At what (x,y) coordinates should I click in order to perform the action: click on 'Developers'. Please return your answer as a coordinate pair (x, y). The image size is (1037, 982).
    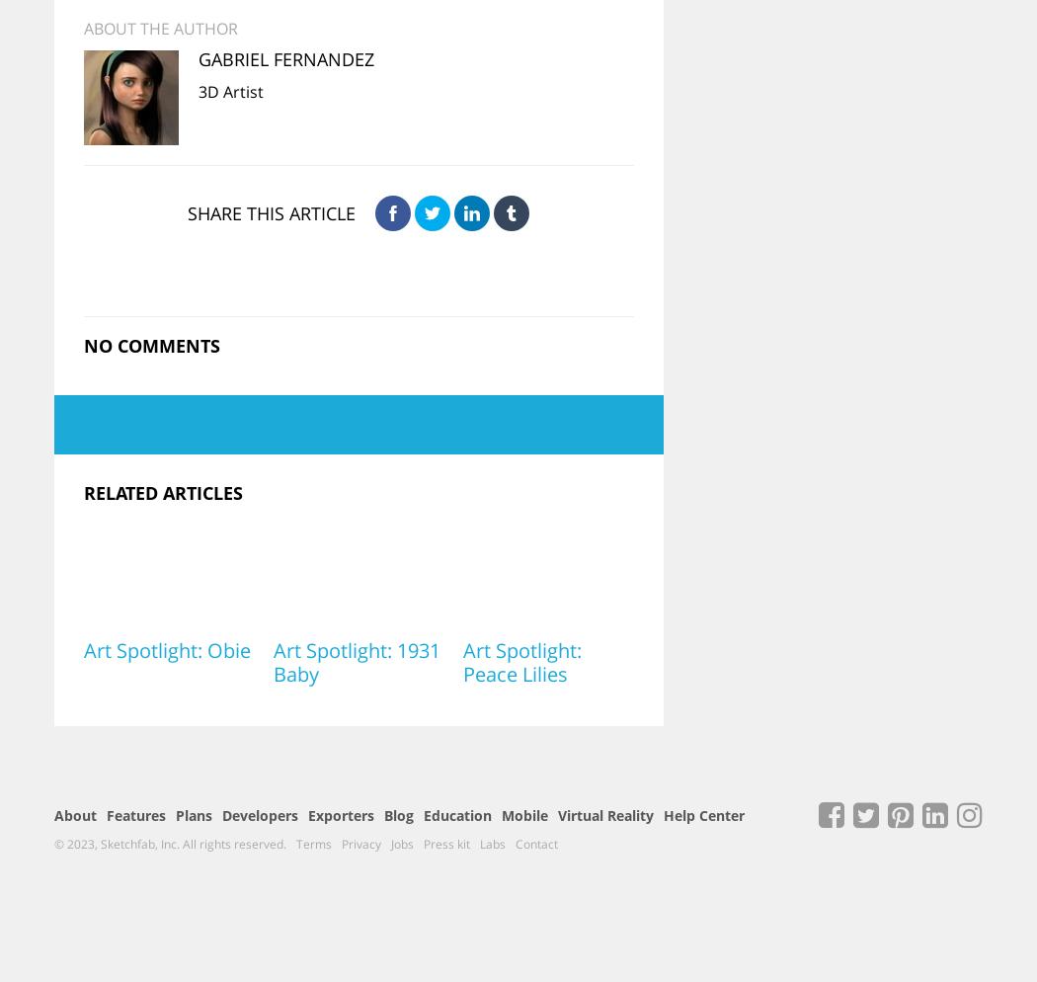
    Looking at the image, I should click on (259, 814).